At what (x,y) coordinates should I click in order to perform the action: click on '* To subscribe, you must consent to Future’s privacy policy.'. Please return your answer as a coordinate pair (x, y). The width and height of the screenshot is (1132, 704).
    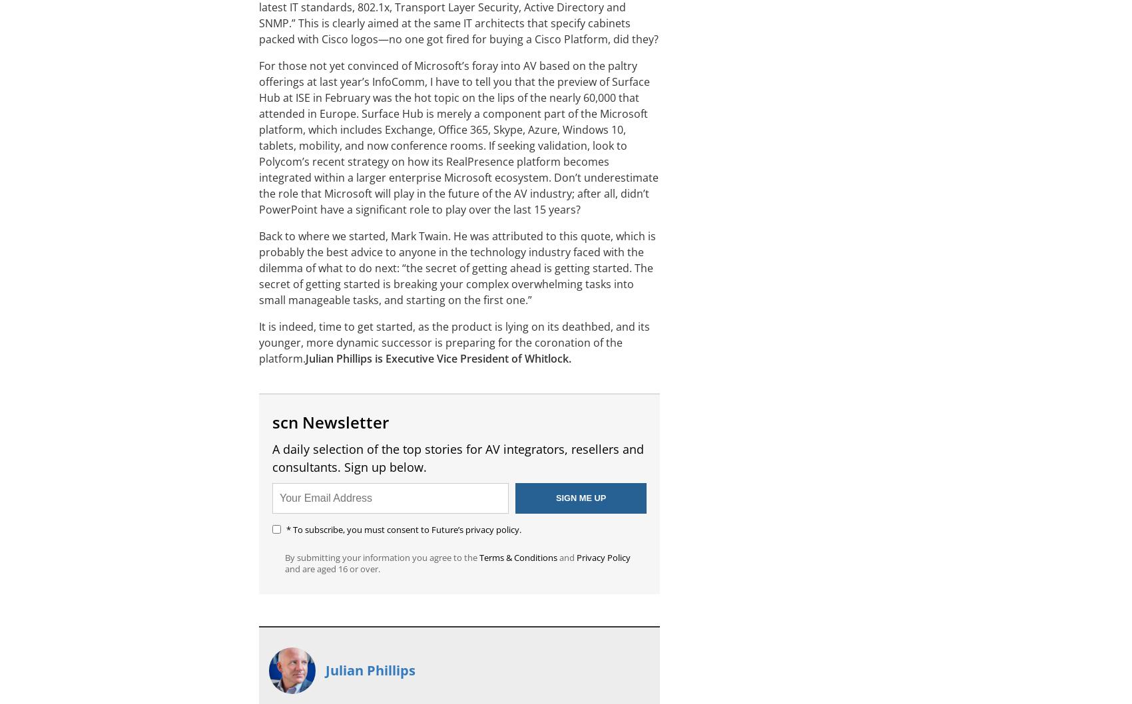
    Looking at the image, I should click on (403, 529).